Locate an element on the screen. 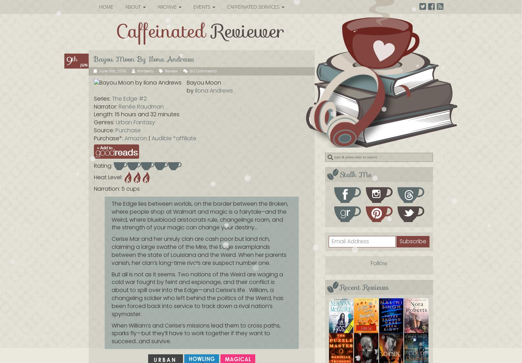 Image resolution: width=522 pixels, height=363 pixels. 'But all is not as it seems. Two nations of the Weird are waging a cold war fought by feint and espionage, and their conflict is about to spill over into the Edge—and Cerise’s life . William, a changeling soldier who left behind the politics of the Weird, has been forced back into service to track down a rival nation’s spymaster.' is located at coordinates (197, 294).